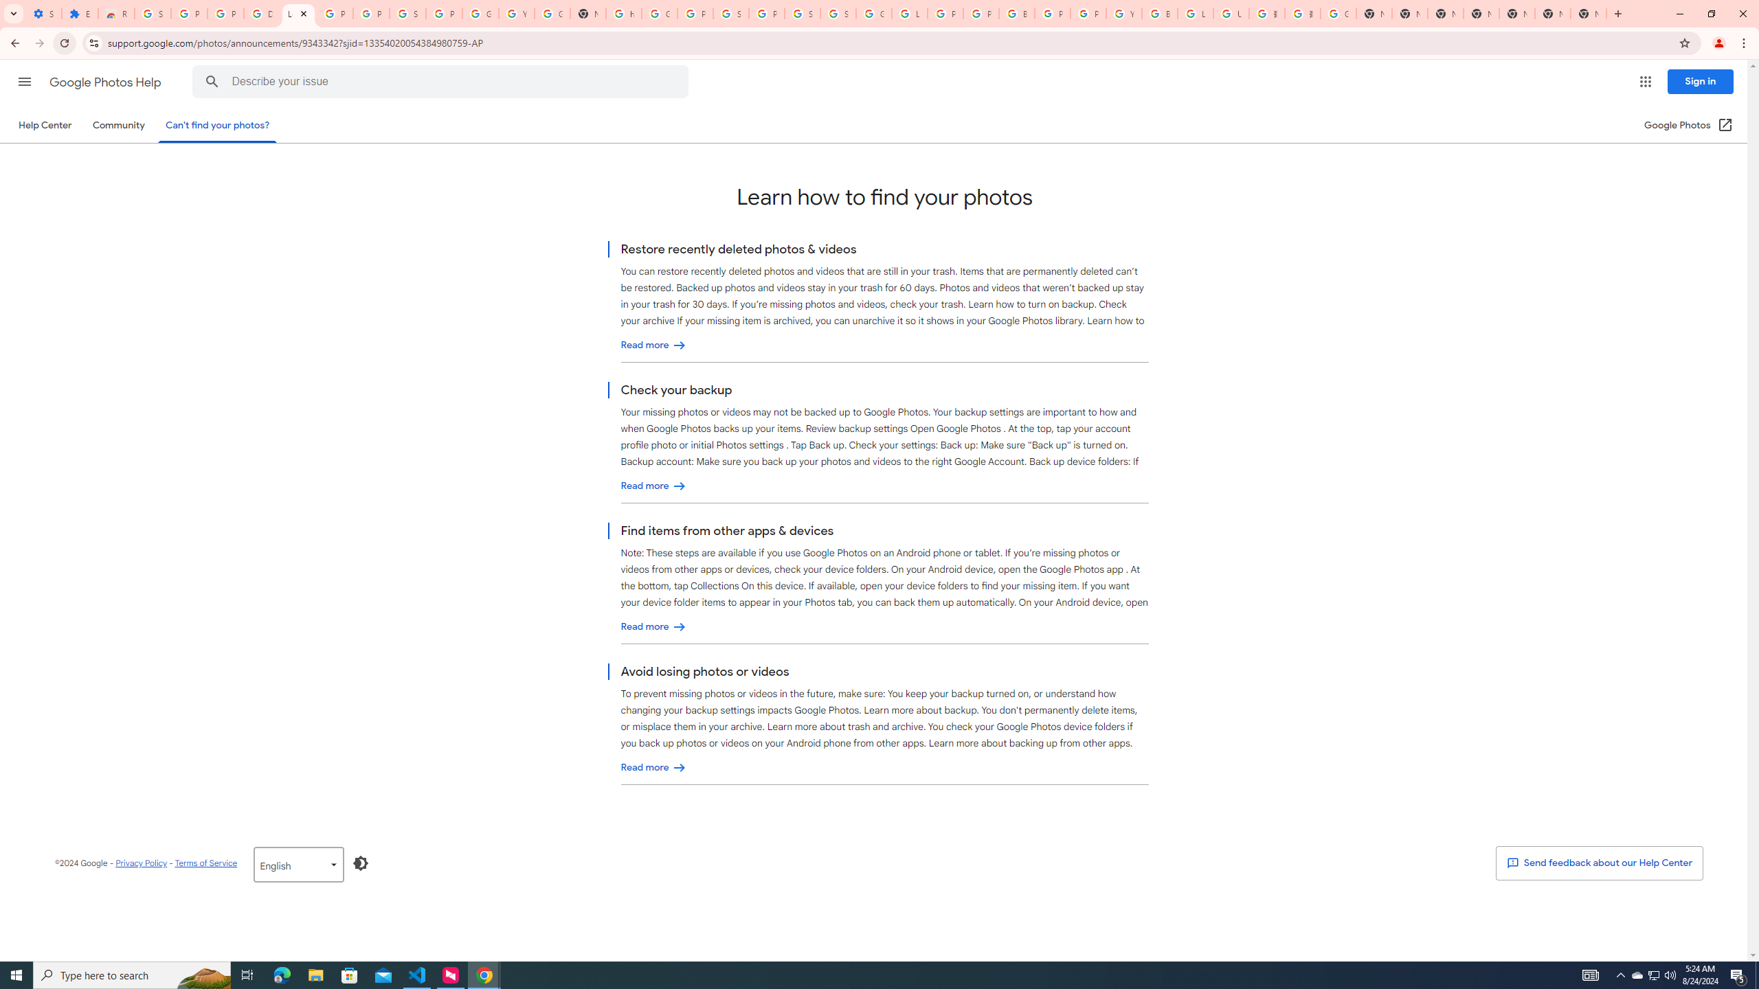 Image resolution: width=1759 pixels, height=989 pixels. I want to click on 'Privacy Help Center - Policies Help', so click(980, 13).